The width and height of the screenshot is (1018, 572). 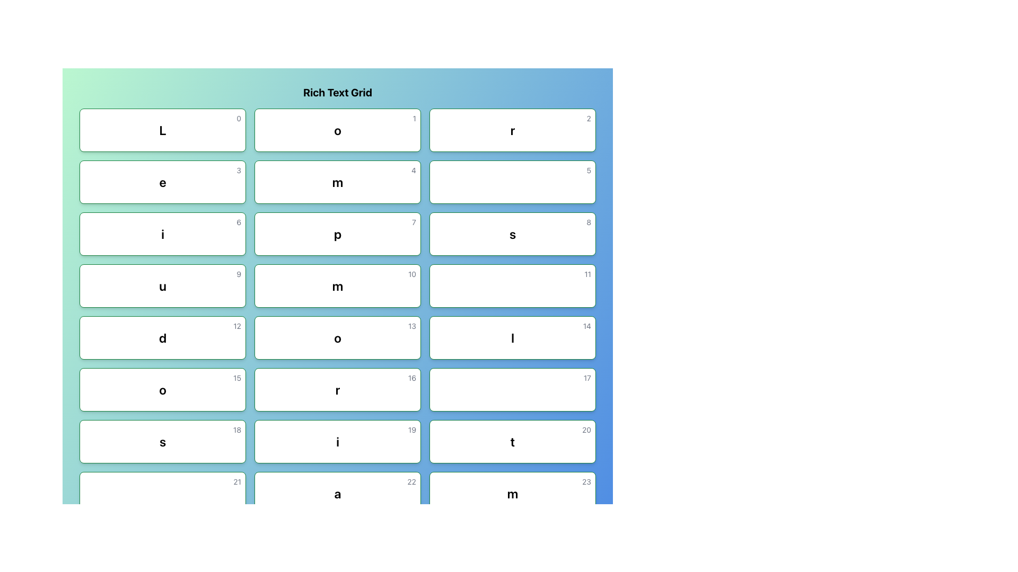 I want to click on the text label representing the letter 's' located in the eighth card of a grid layout, positioned in the third row and third column, so click(x=512, y=234).